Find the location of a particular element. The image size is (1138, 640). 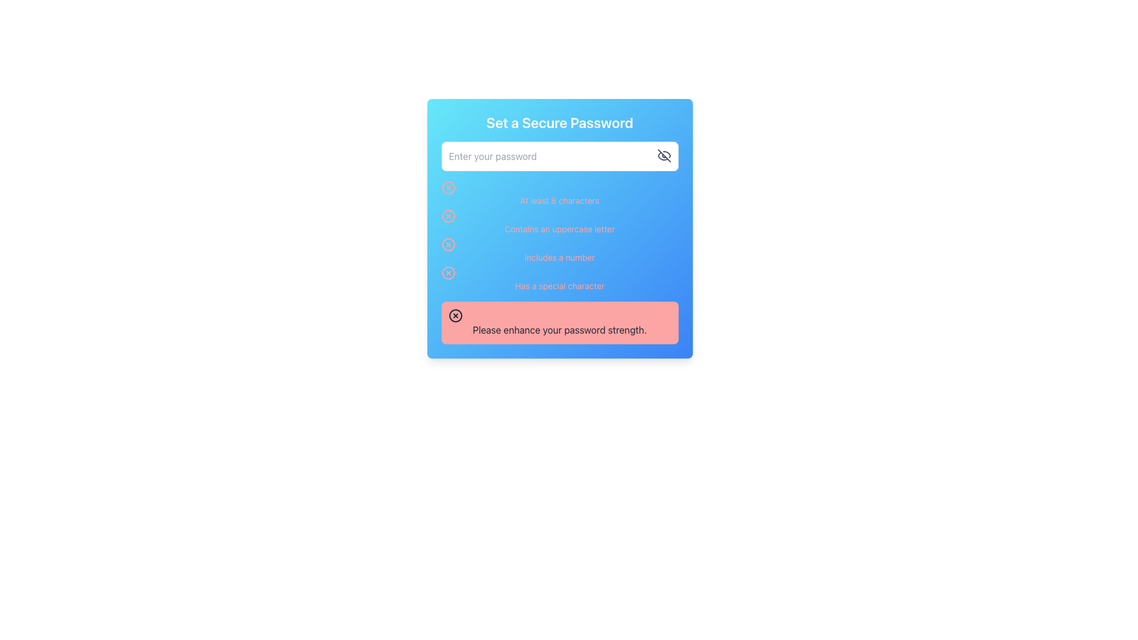

message in the Alert or Notification Box that says 'Please enhance your password strength.' is located at coordinates (559, 322).